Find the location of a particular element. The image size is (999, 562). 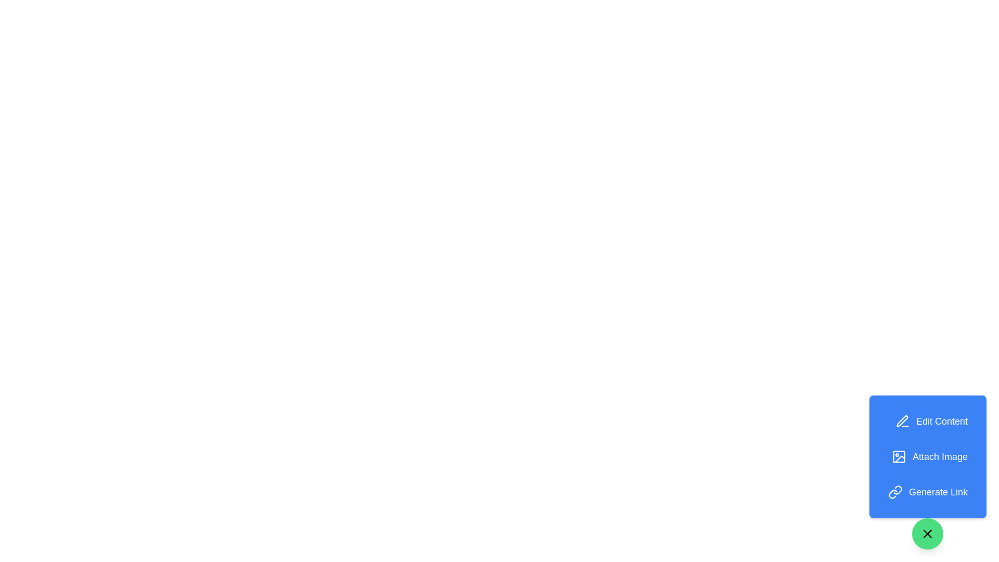

the 'Generate Link' button to trigger the associated action is located at coordinates (928, 492).